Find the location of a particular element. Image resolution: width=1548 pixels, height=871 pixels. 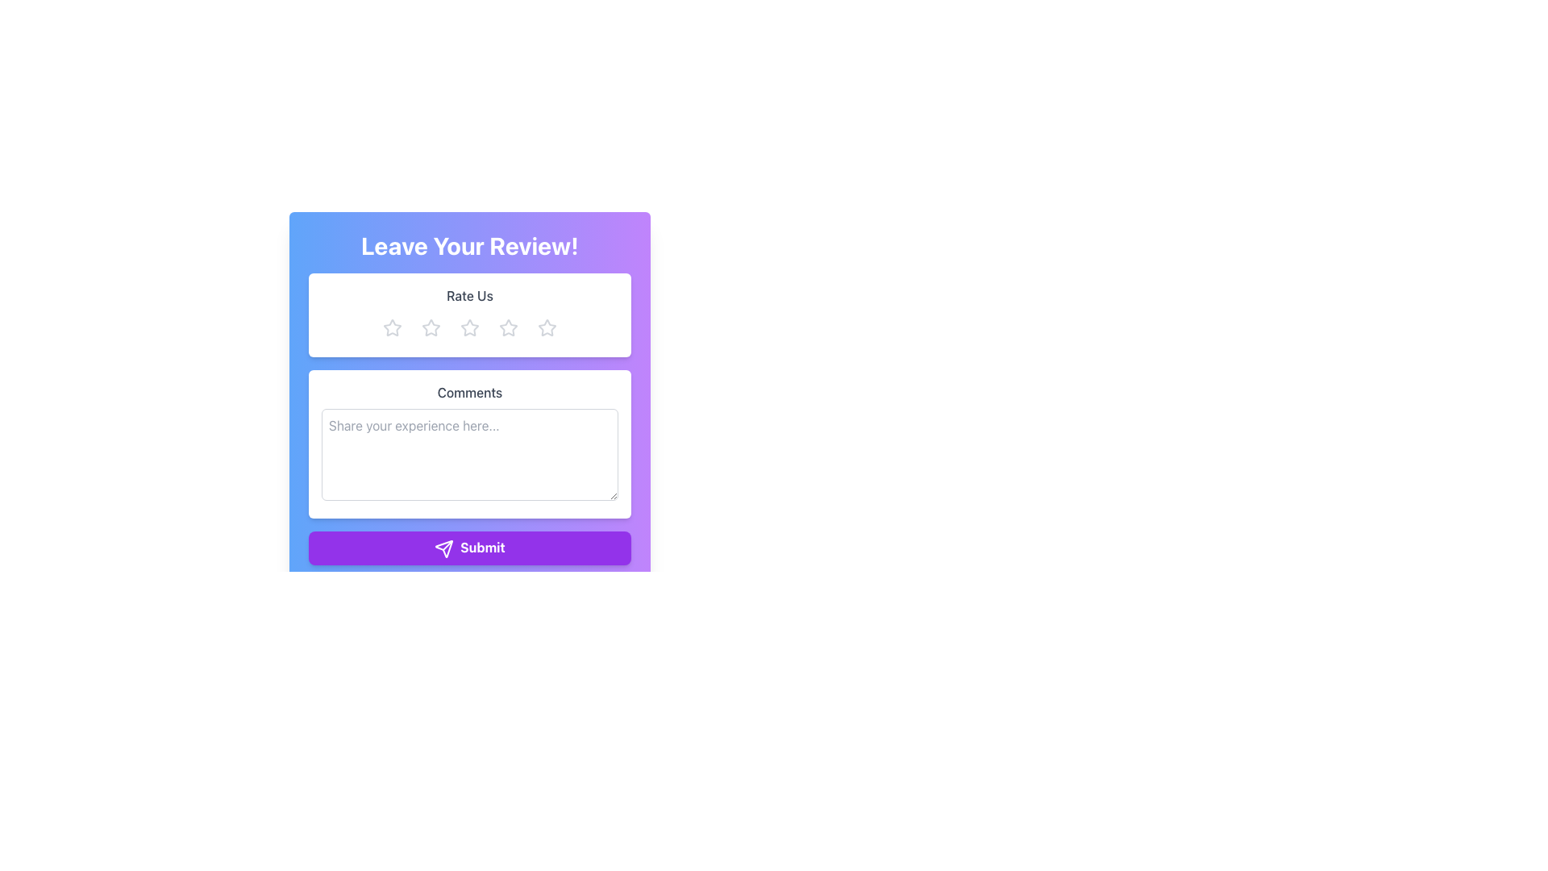

the icon that serves as a decorative component of the 'Submit' button at the bottom of the review submission form is located at coordinates (444, 548).